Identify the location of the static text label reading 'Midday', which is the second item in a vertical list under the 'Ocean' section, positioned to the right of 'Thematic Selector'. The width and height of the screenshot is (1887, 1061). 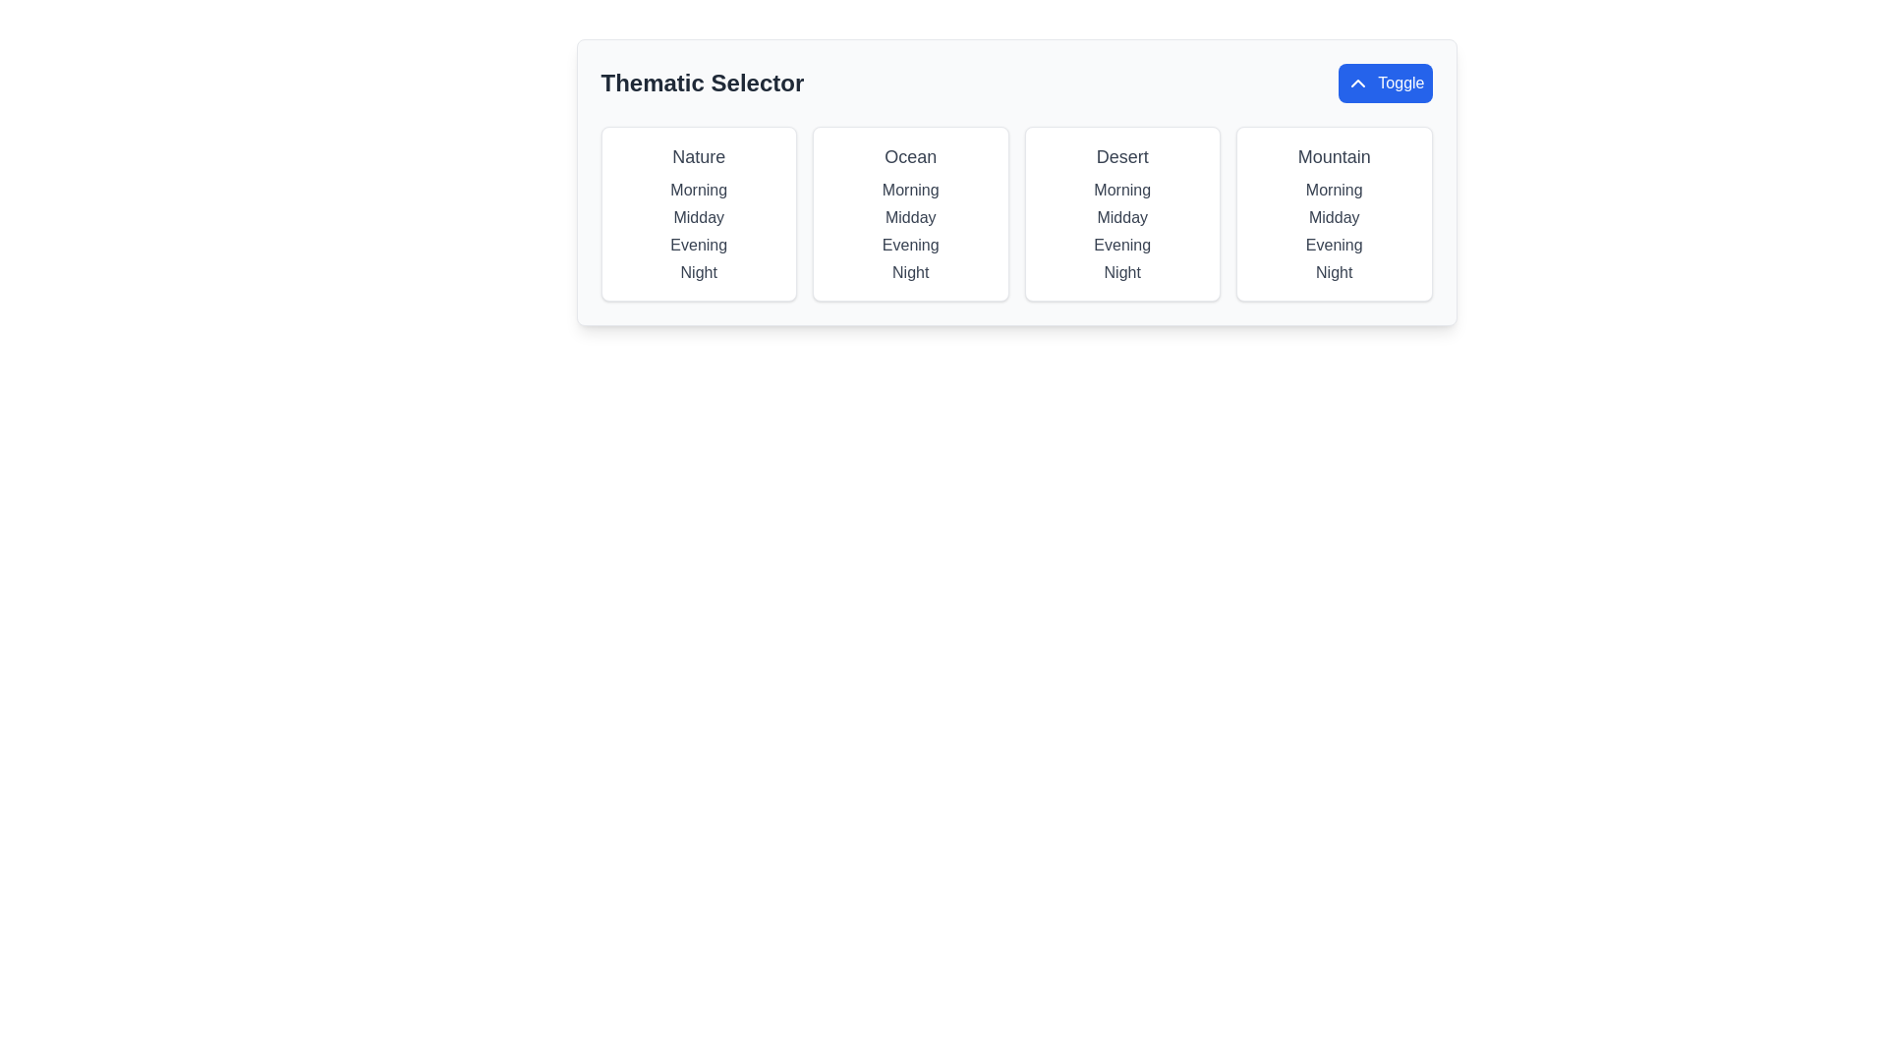
(909, 218).